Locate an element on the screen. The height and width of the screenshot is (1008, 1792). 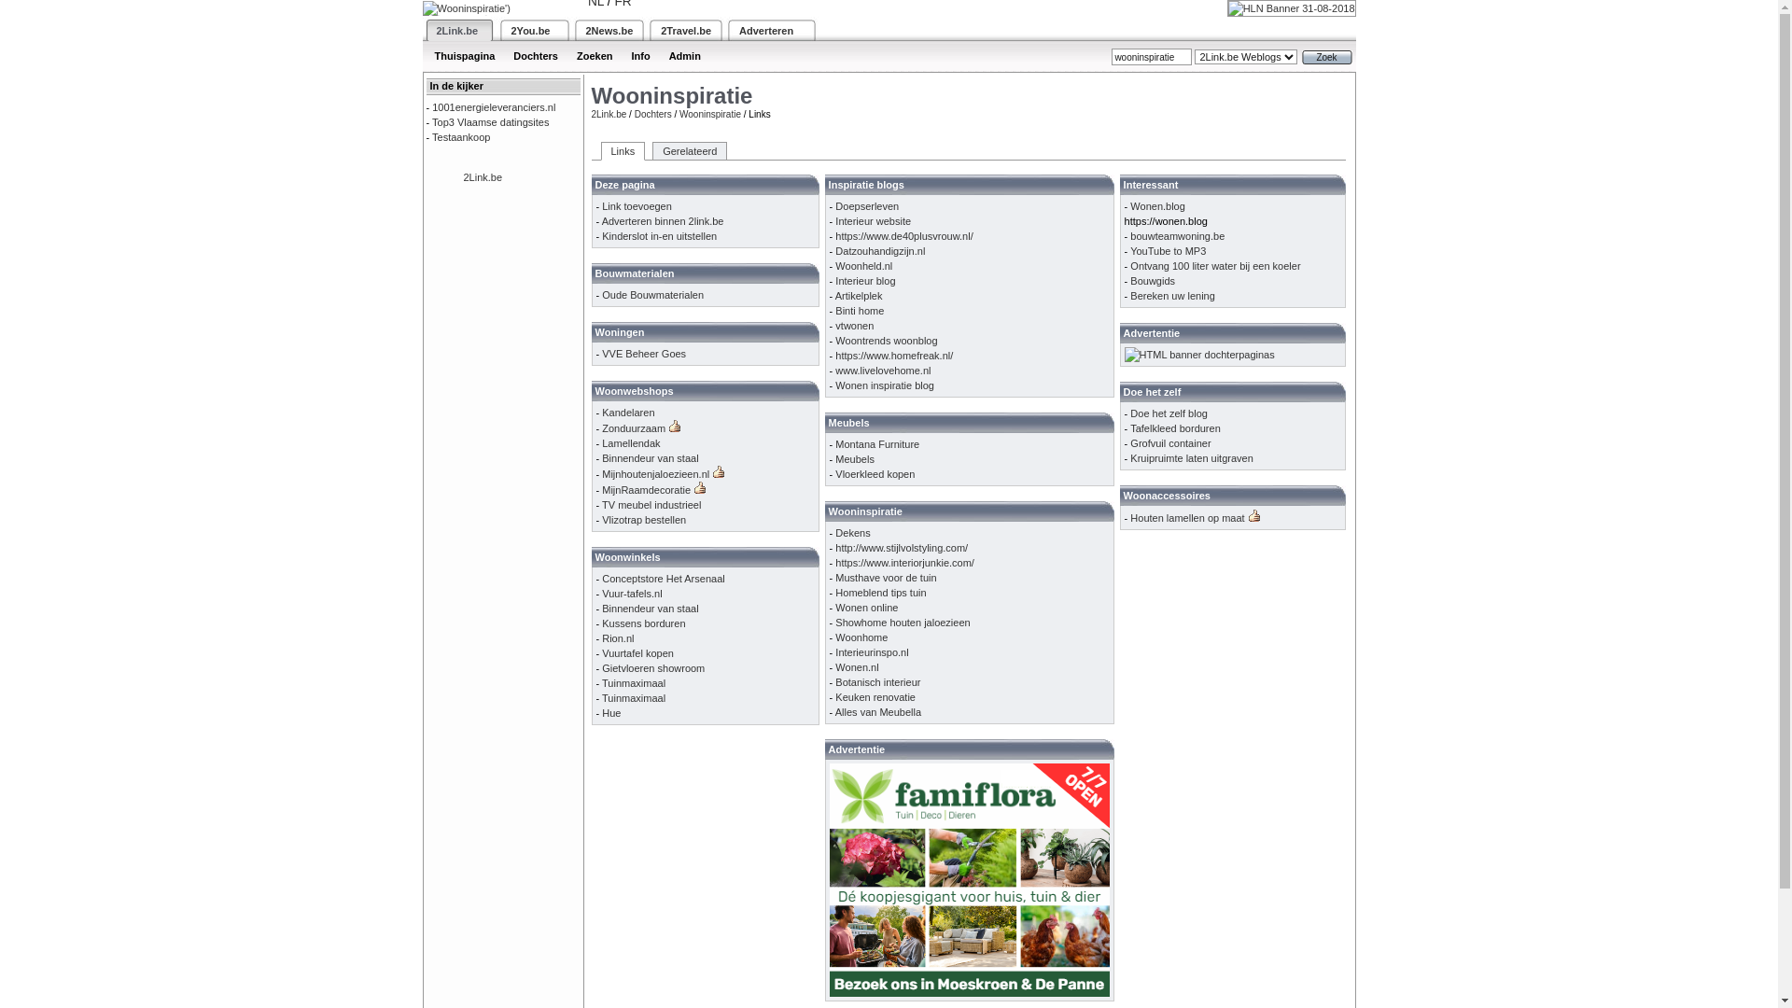
'Wonen.blog' is located at coordinates (1156, 205).